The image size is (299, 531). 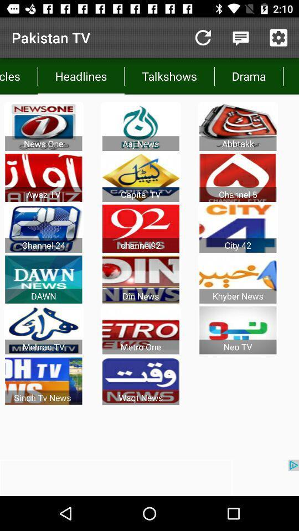 I want to click on refresh page, so click(x=202, y=38).